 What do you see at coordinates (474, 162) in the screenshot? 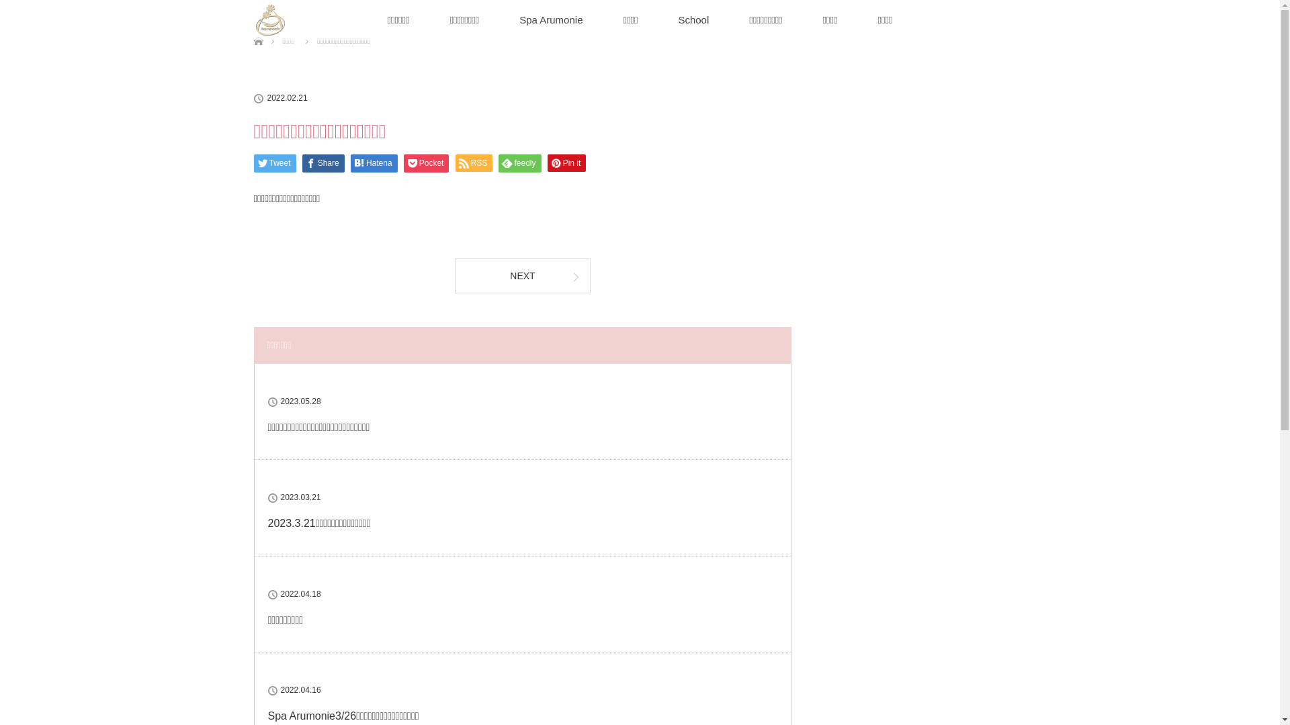
I see `'RSS'` at bounding box center [474, 162].